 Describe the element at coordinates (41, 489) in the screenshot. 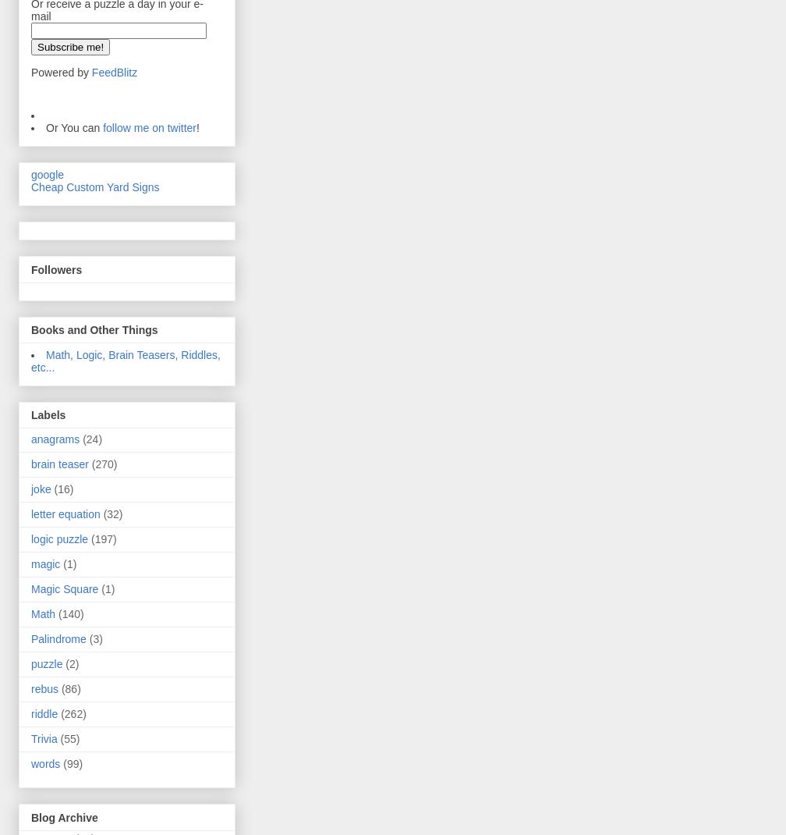

I see `'joke'` at that location.